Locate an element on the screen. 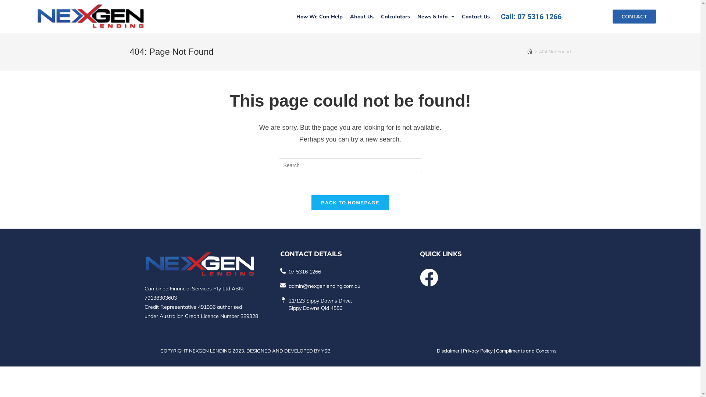  'Call: 07 5316 1266' is located at coordinates (500, 16).